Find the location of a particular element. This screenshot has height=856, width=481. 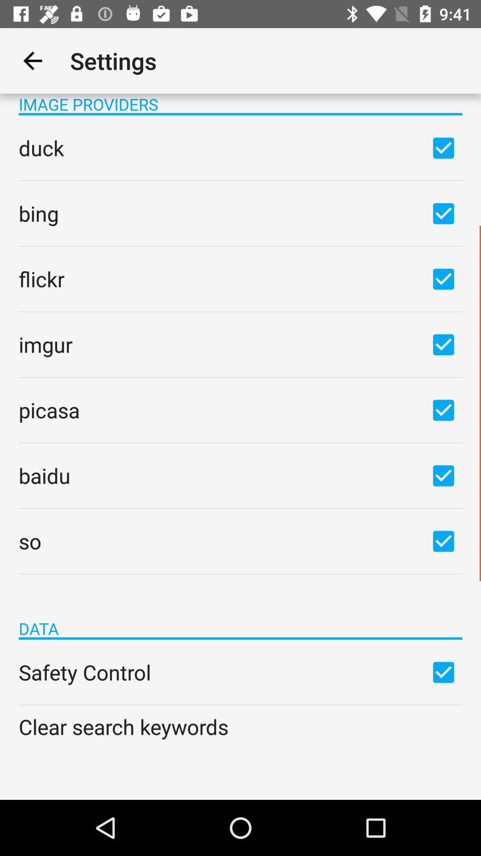

search option is located at coordinates (443, 409).